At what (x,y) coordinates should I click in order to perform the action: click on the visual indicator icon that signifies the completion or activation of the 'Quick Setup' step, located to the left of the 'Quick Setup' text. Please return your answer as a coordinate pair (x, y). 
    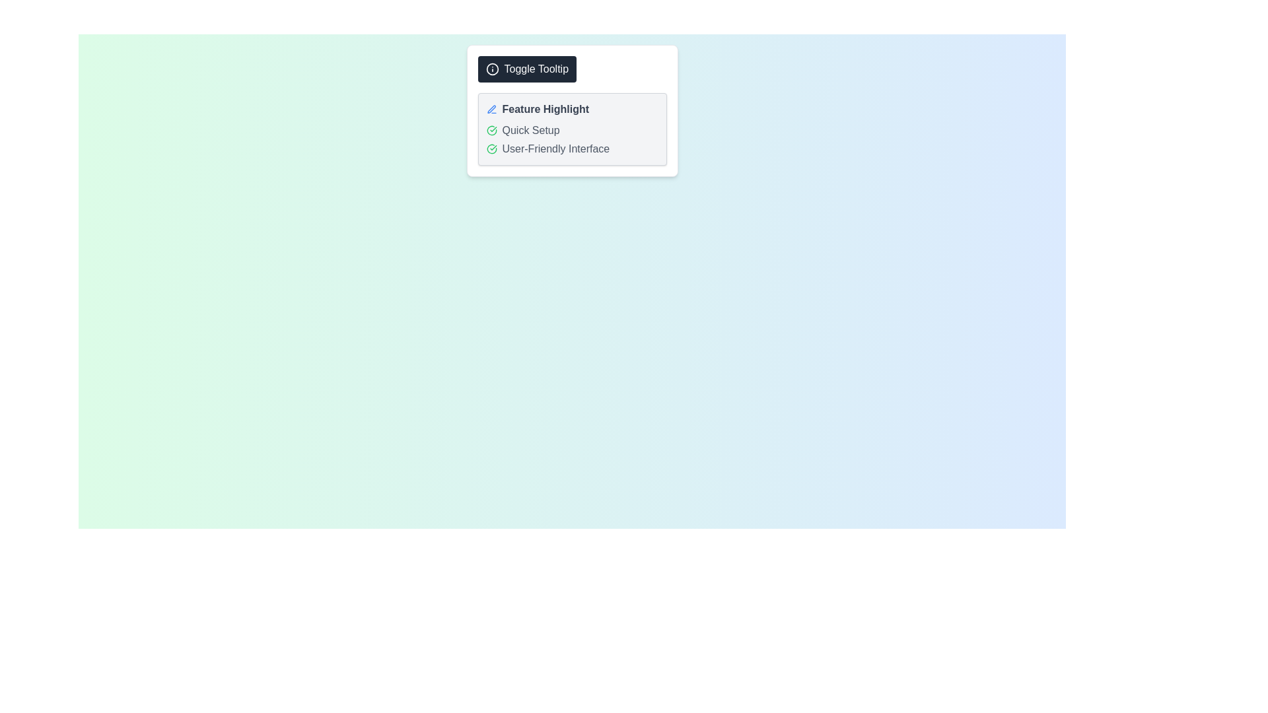
    Looking at the image, I should click on (491, 130).